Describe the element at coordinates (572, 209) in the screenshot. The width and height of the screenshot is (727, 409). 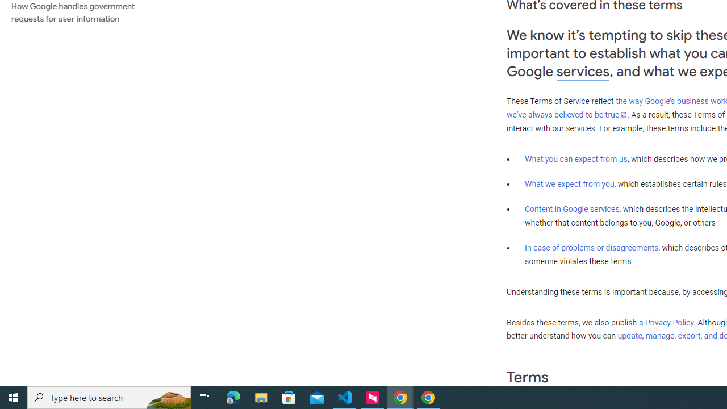
I see `'Content in Google services'` at that location.